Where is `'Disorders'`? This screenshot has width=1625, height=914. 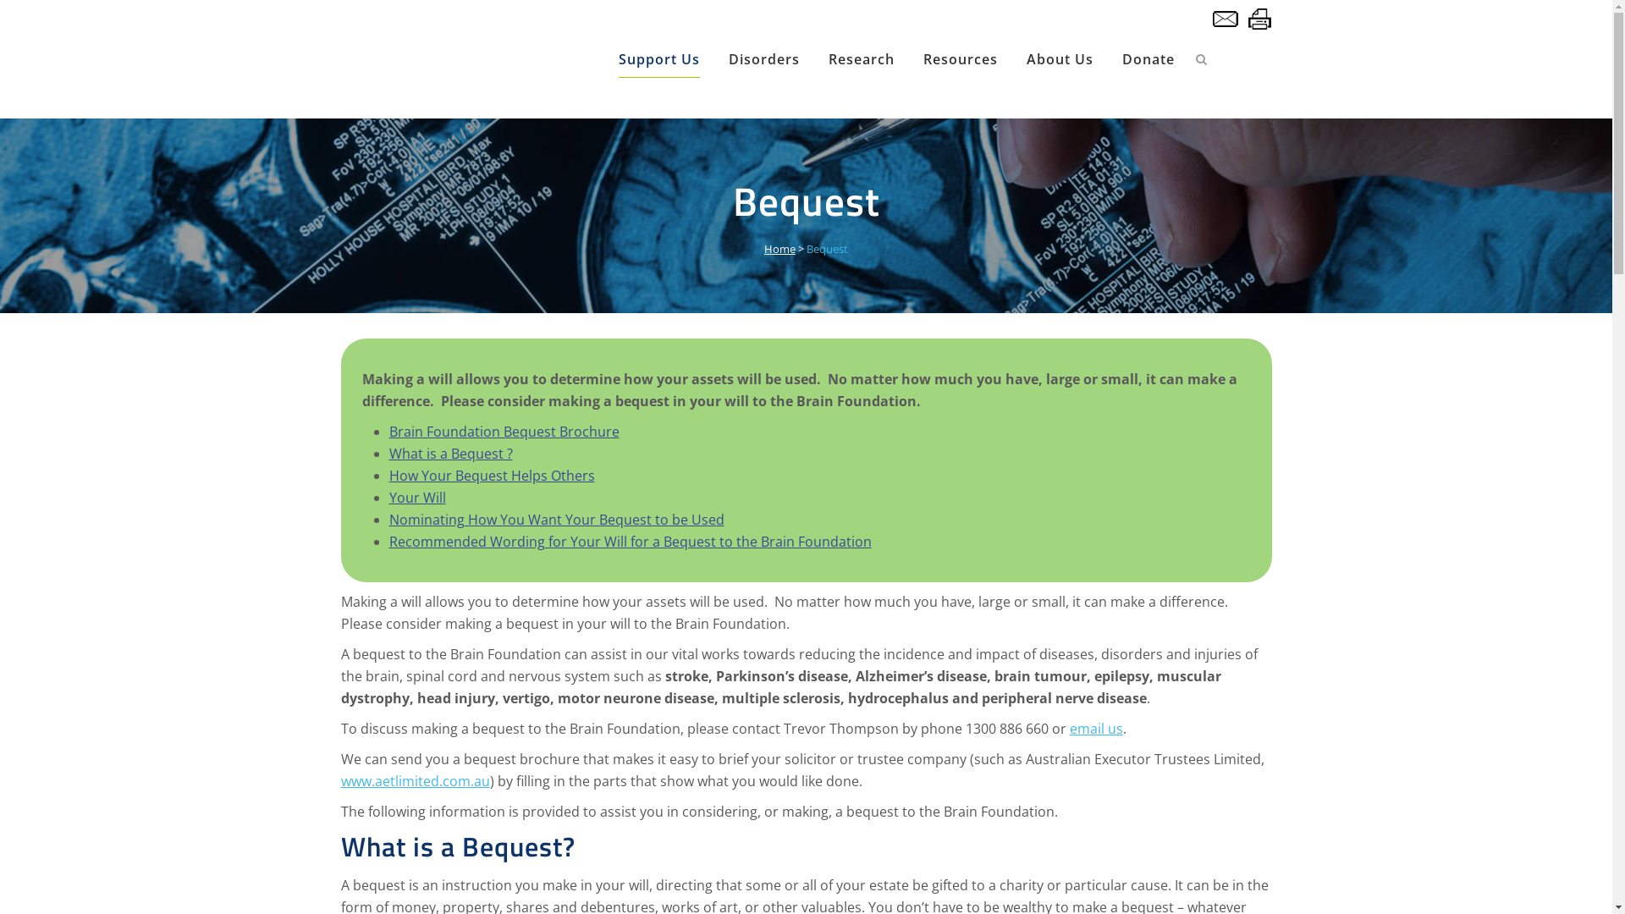 'Disorders' is located at coordinates (763, 58).